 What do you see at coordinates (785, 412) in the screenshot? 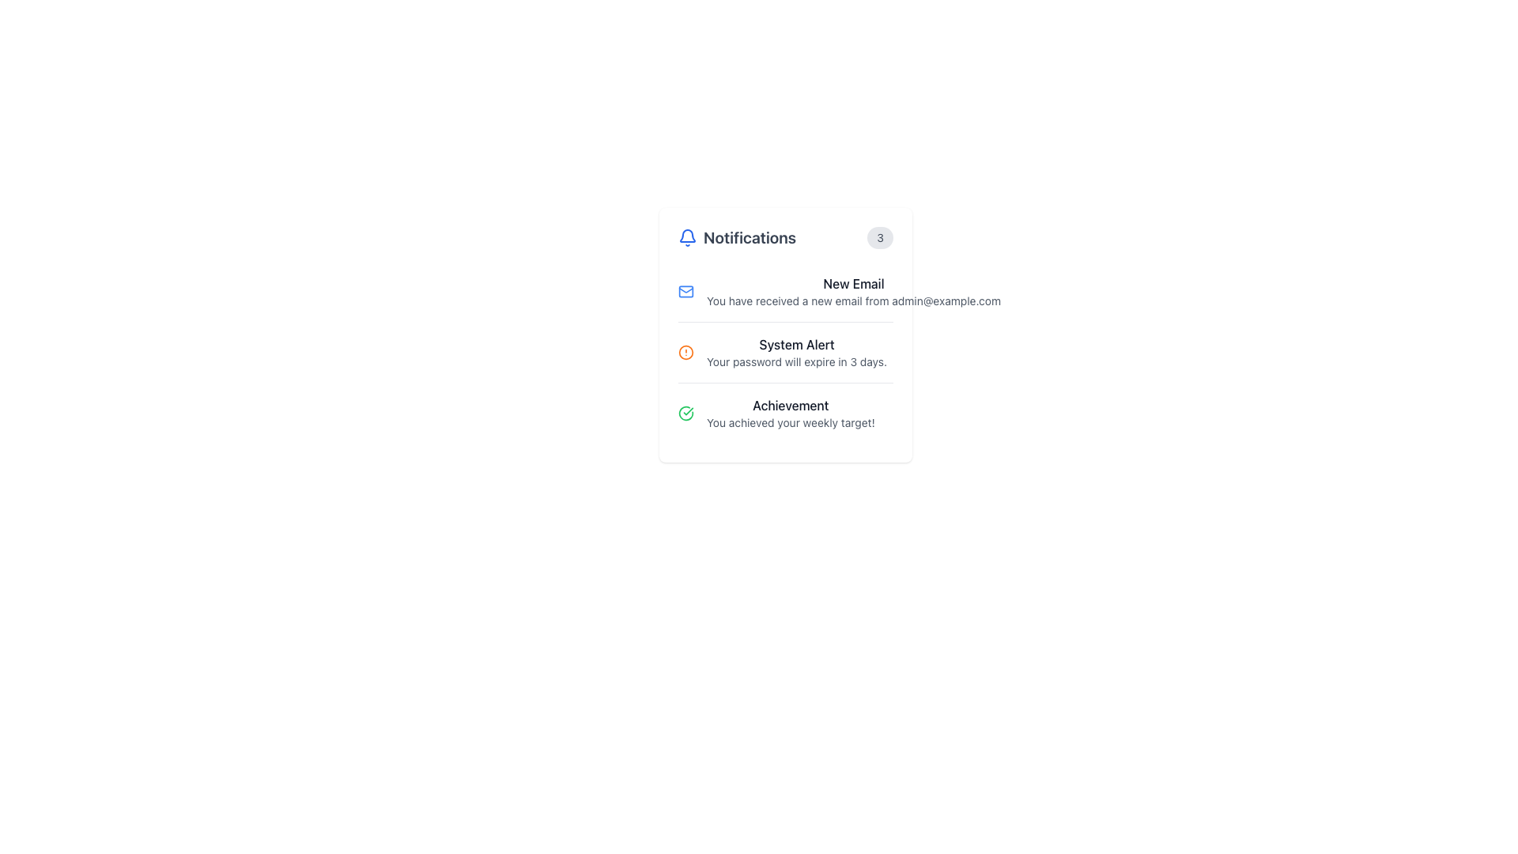
I see `achievement notification text located in the third position of the 'Notifications' list` at bounding box center [785, 412].